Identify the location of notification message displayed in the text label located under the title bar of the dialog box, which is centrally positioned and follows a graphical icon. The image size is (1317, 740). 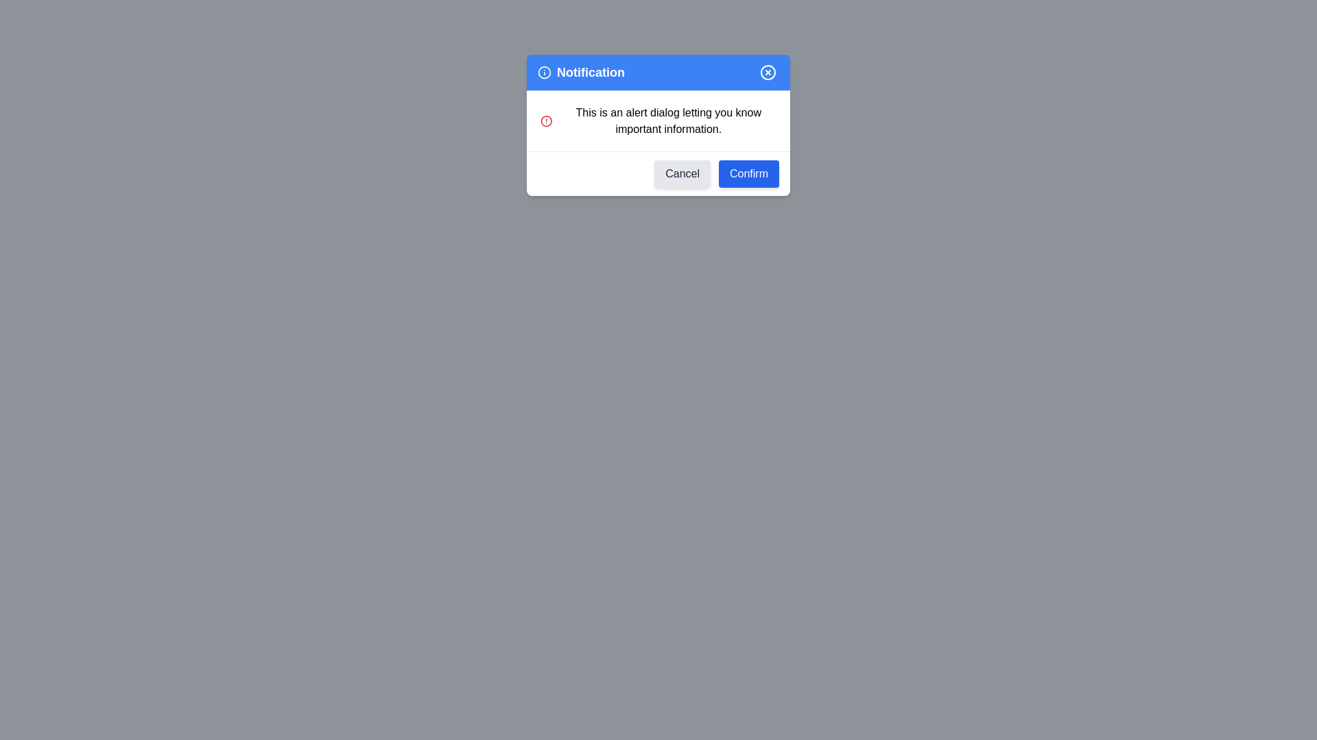
(668, 121).